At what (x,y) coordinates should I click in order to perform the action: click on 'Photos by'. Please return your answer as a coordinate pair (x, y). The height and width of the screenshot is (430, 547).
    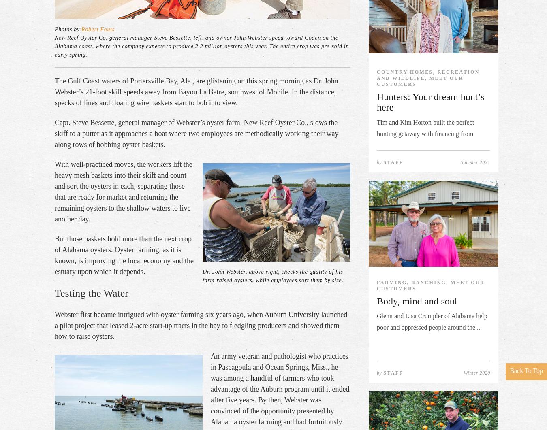
    Looking at the image, I should click on (68, 29).